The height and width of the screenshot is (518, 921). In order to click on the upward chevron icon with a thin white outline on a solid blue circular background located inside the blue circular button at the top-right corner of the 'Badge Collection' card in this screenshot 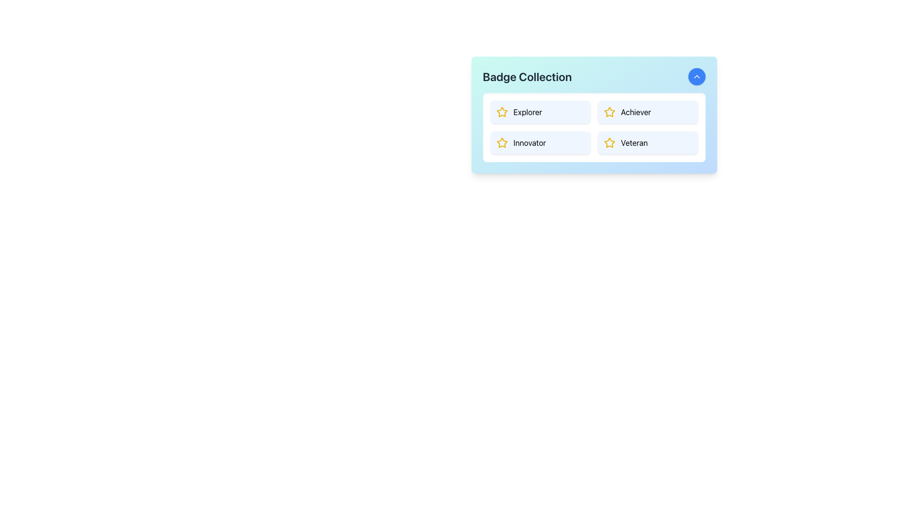, I will do `click(697, 76)`.